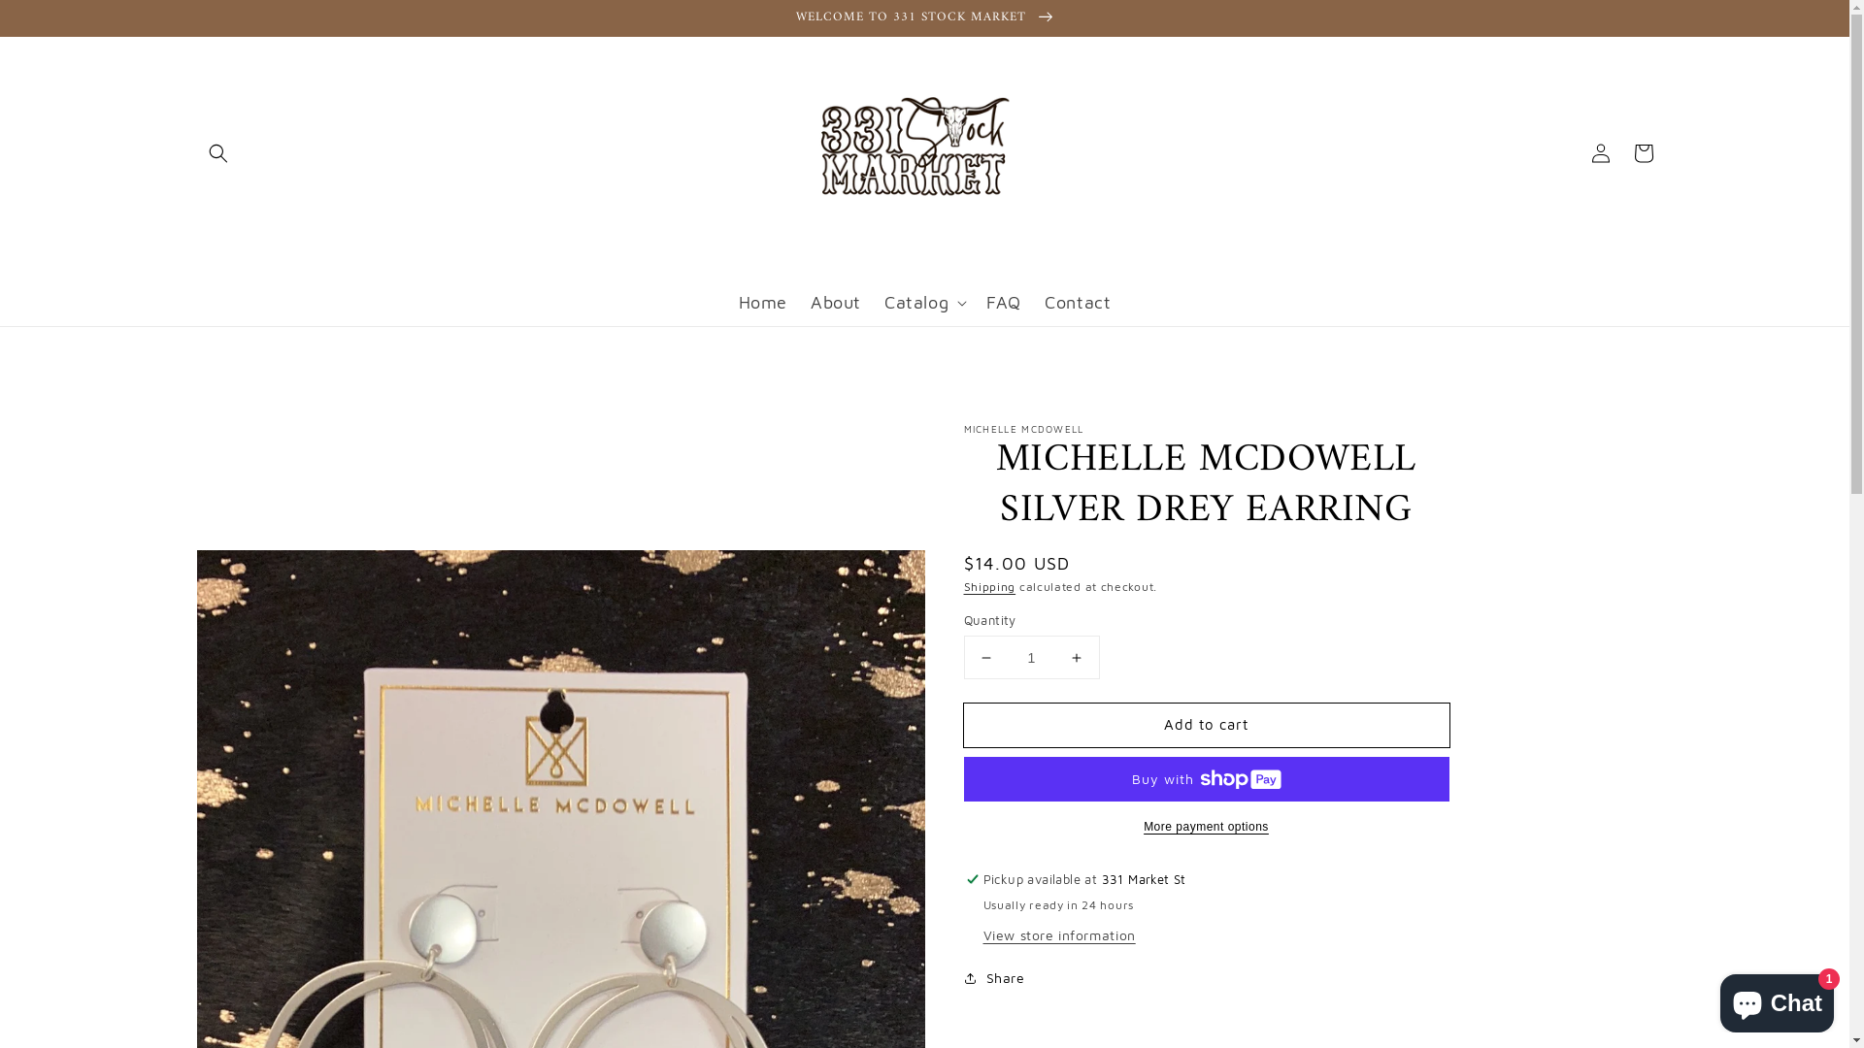  I want to click on 'Shipping', so click(988, 585).